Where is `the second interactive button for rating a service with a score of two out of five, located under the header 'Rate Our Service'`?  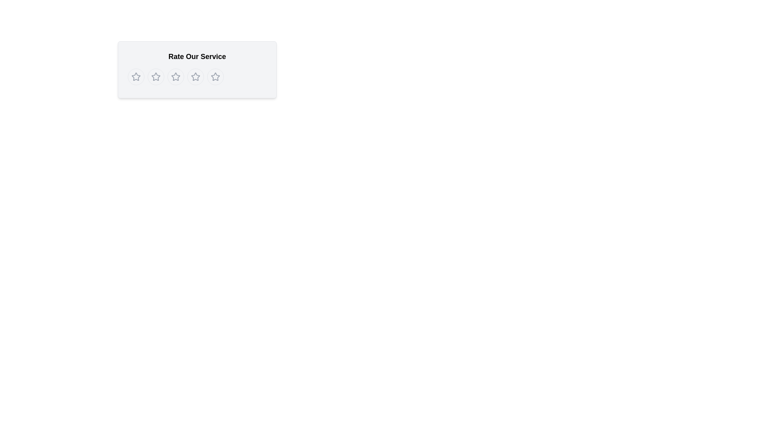 the second interactive button for rating a service with a score of two out of five, located under the header 'Rate Our Service' is located at coordinates (156, 76).